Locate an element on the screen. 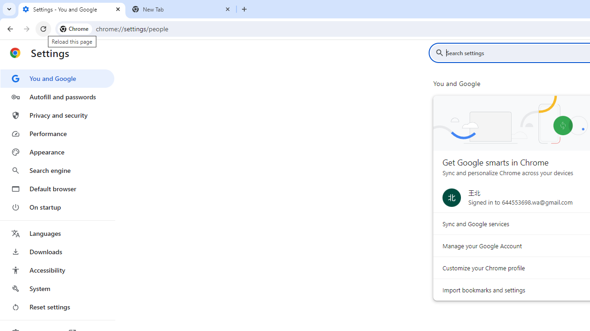 Image resolution: width=590 pixels, height=331 pixels. 'Privacy and security' is located at coordinates (57, 114).